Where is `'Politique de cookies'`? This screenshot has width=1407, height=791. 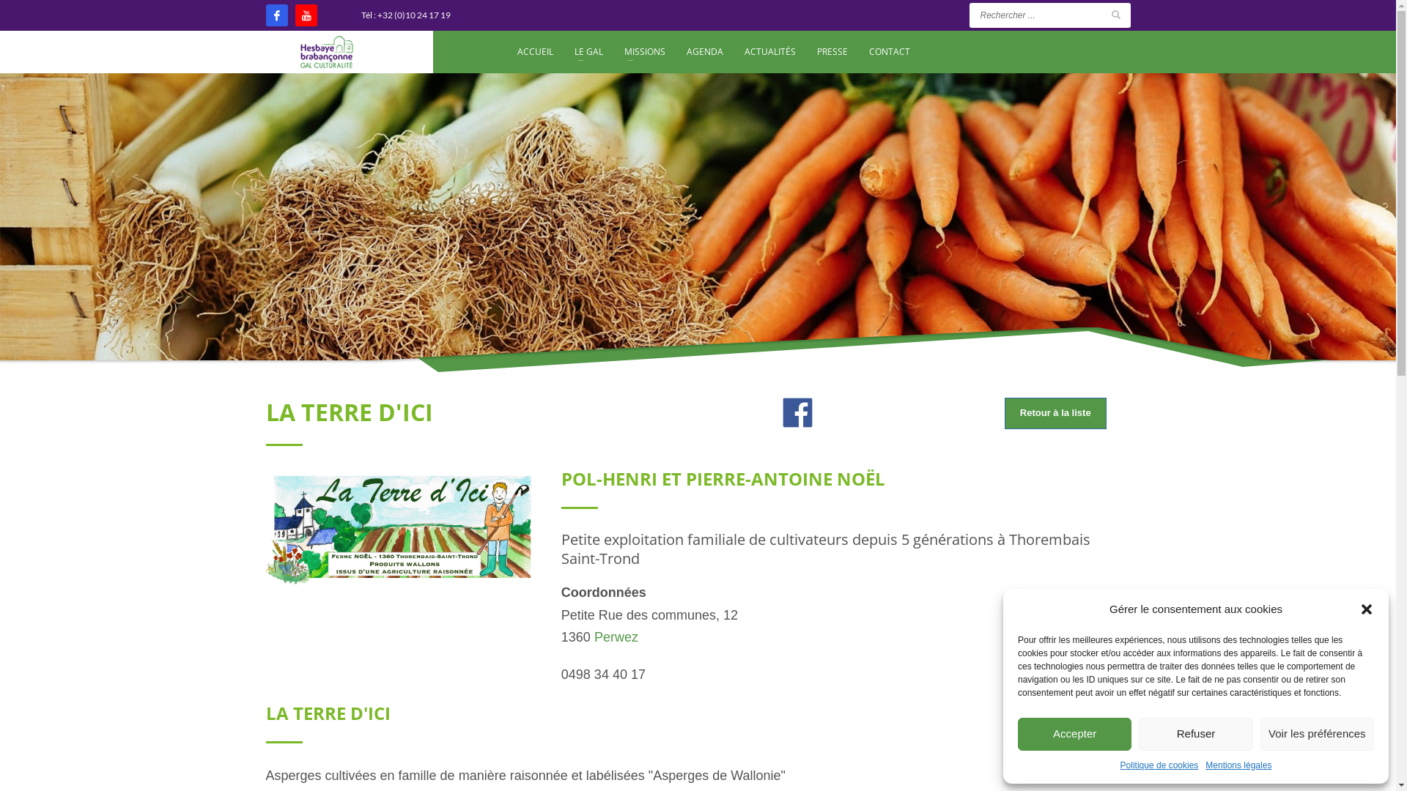 'Politique de cookies' is located at coordinates (1159, 765).